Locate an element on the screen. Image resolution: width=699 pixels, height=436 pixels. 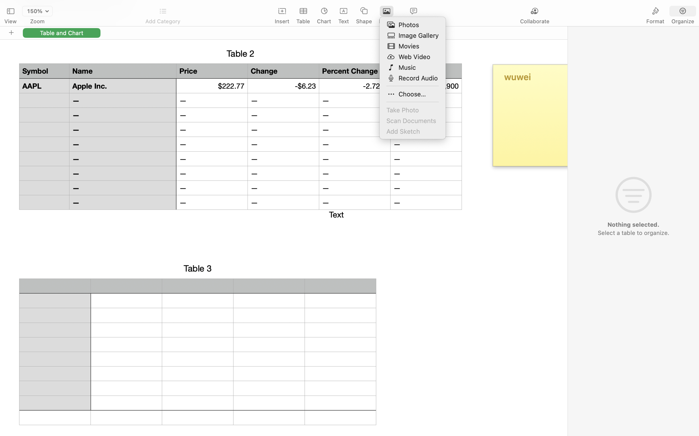
'Nothing selected.' is located at coordinates (633, 225).